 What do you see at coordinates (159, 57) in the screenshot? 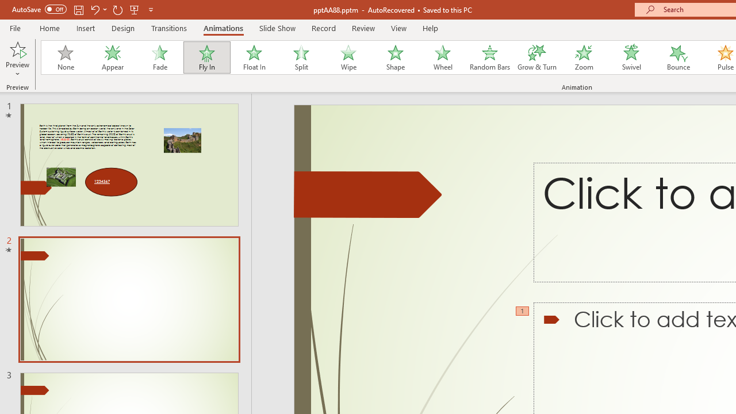
I see `'Fade'` at bounding box center [159, 57].